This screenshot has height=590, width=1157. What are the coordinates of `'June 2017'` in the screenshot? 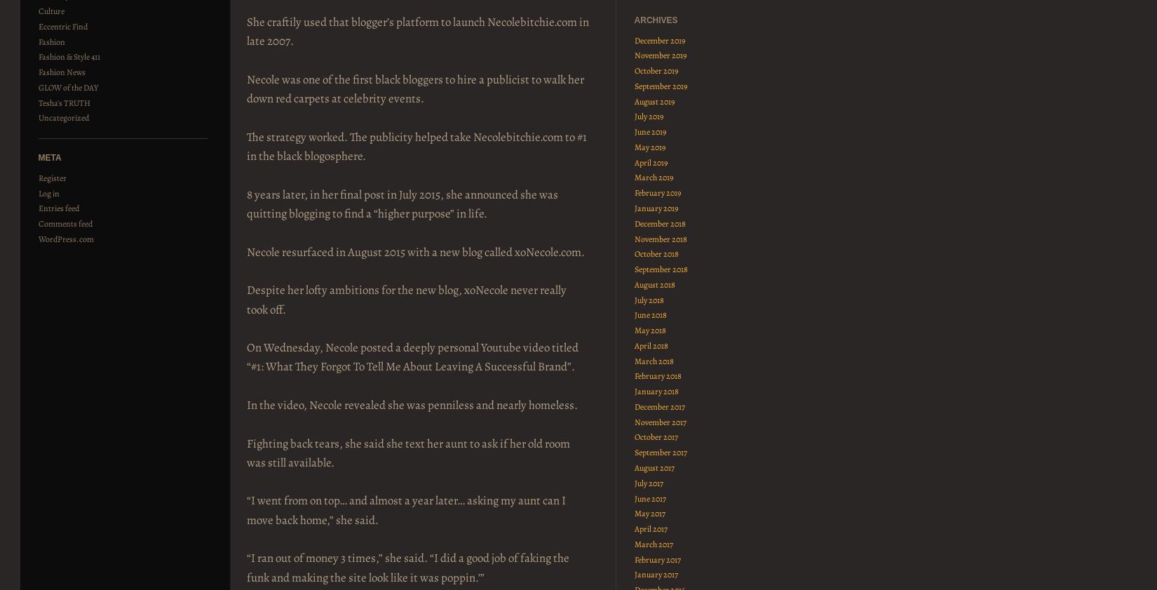 It's located at (649, 497).